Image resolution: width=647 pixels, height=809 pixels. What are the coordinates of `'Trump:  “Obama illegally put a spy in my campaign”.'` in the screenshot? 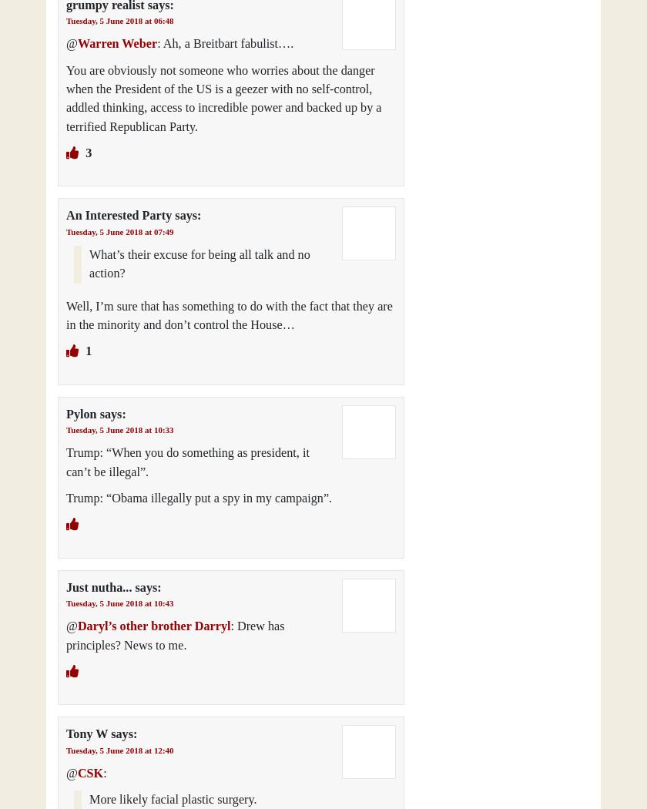 It's located at (66, 496).